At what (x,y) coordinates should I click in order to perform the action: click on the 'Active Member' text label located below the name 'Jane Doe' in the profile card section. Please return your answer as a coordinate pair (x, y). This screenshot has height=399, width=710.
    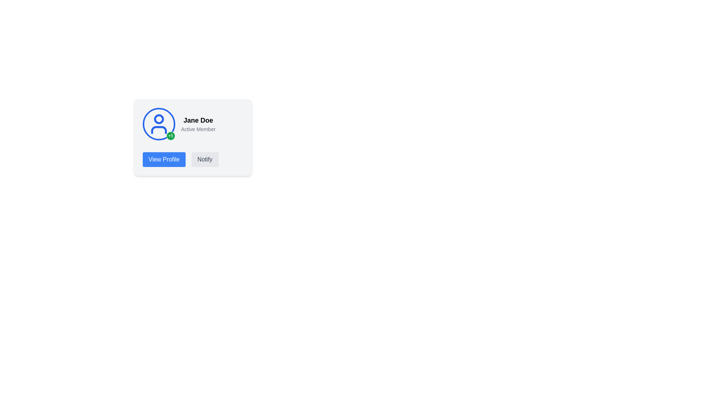
    Looking at the image, I should click on (198, 129).